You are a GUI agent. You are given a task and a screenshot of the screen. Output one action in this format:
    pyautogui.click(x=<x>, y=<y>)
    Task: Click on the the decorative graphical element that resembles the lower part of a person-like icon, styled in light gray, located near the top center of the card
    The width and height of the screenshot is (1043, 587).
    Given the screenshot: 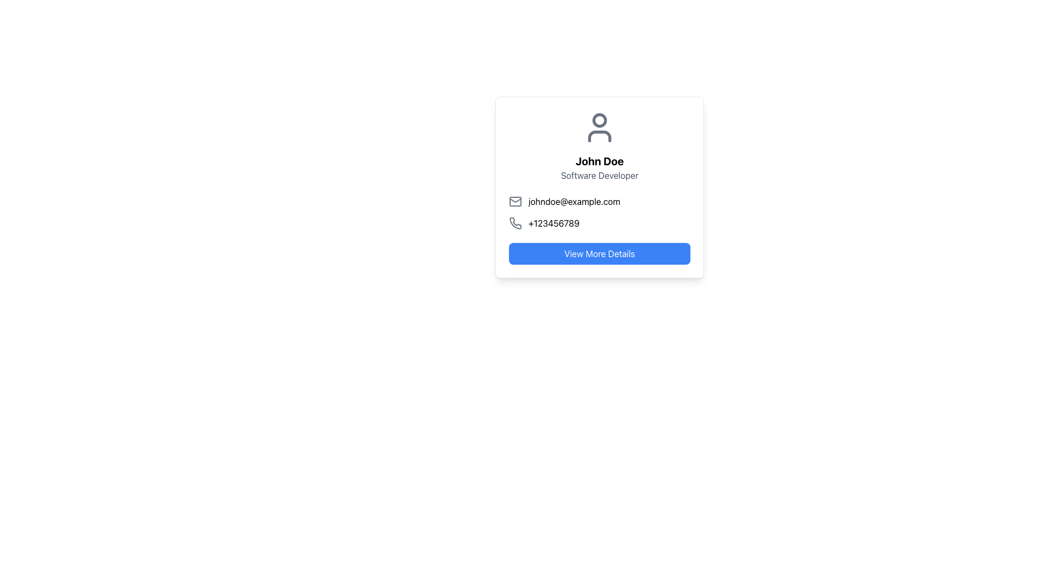 What is the action you would take?
    pyautogui.click(x=599, y=135)
    